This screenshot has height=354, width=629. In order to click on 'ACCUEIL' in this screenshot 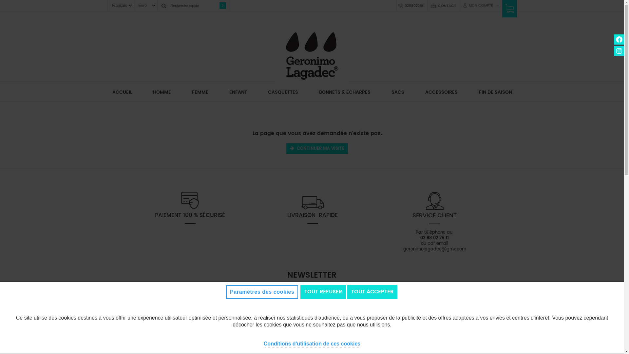, I will do `click(107, 92)`.